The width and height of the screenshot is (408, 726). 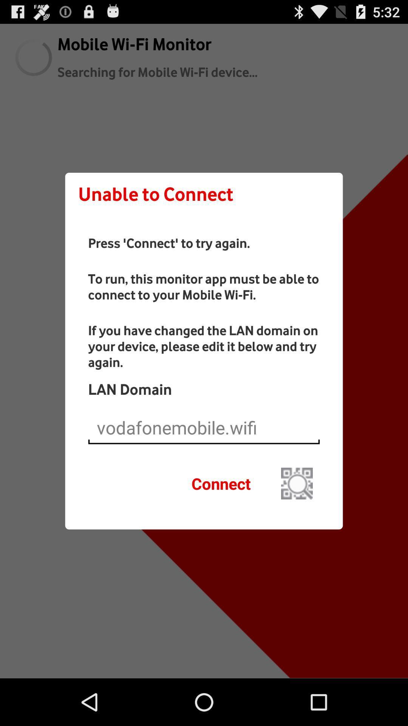 I want to click on the button next to the connect icon, so click(x=297, y=483).